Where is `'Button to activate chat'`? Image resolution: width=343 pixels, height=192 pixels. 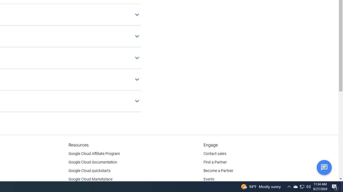 'Button to activate chat' is located at coordinates (324, 167).